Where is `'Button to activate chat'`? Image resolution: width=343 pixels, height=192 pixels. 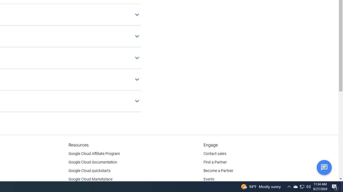 'Button to activate chat' is located at coordinates (324, 167).